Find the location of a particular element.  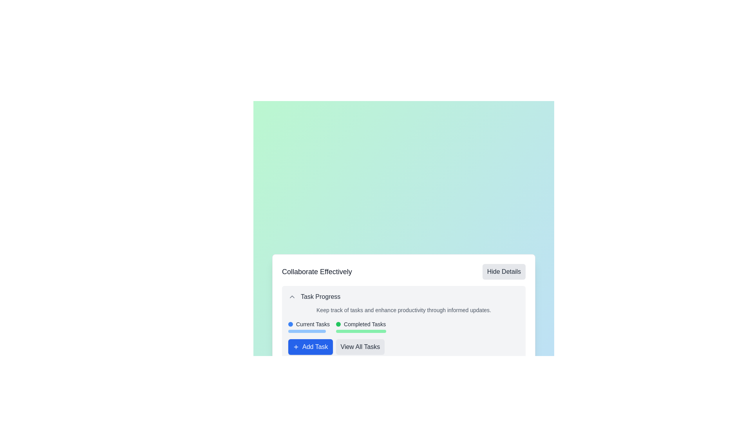

the SVG icon (plus sign) inside the blue button labeled 'Add Task', which visually represents the action of adding a task is located at coordinates (295, 347).